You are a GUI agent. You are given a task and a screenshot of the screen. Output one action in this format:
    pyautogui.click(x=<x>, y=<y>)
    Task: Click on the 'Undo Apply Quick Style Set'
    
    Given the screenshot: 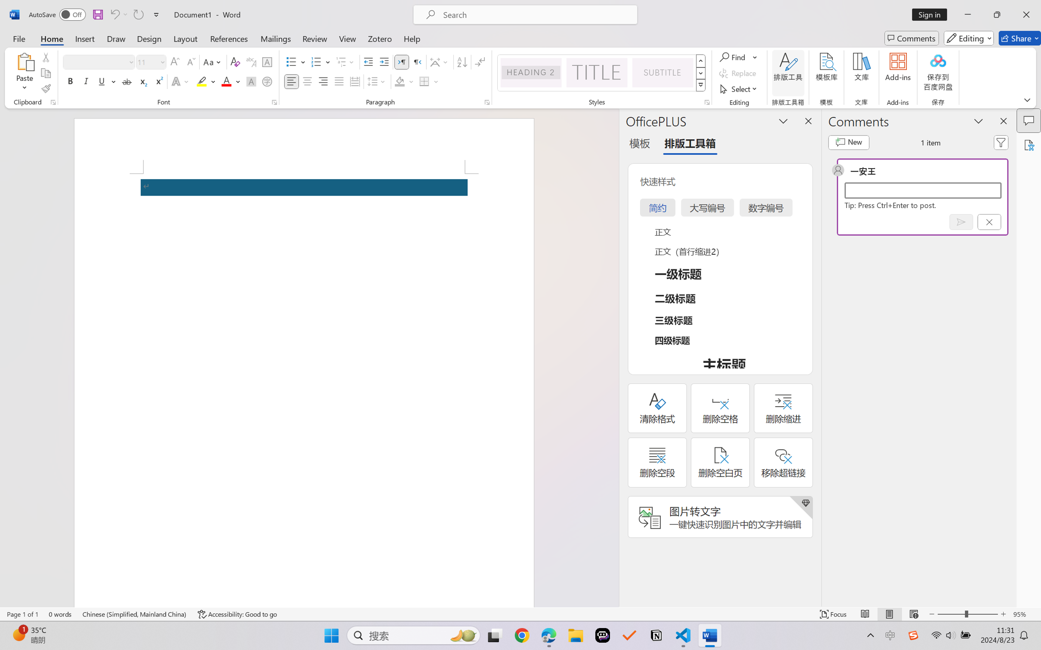 What is the action you would take?
    pyautogui.click(x=118, y=14)
    